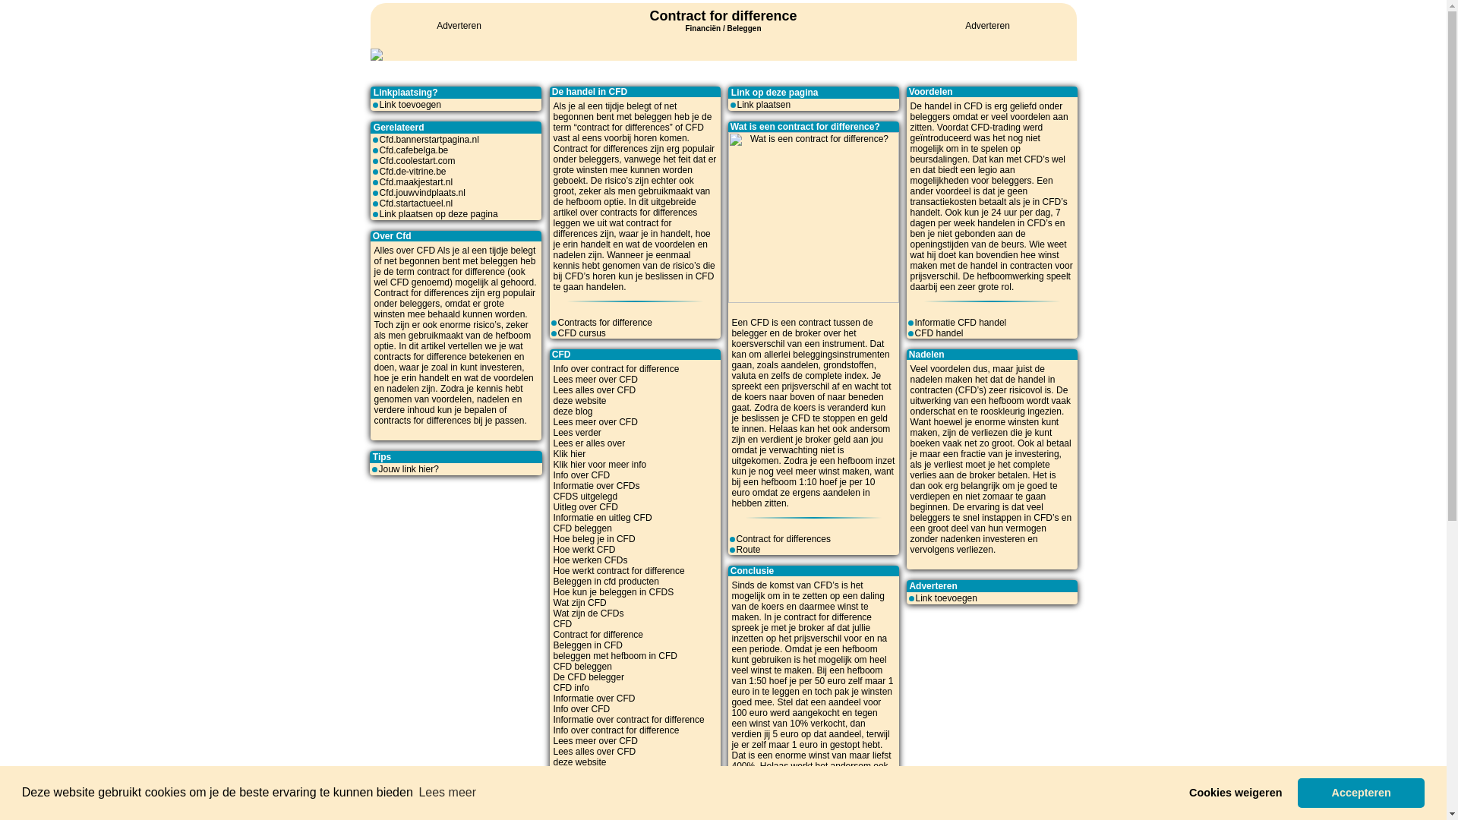 Image resolution: width=1458 pixels, height=820 pixels. Describe the element at coordinates (552, 474) in the screenshot. I see `'Info over CFD'` at that location.